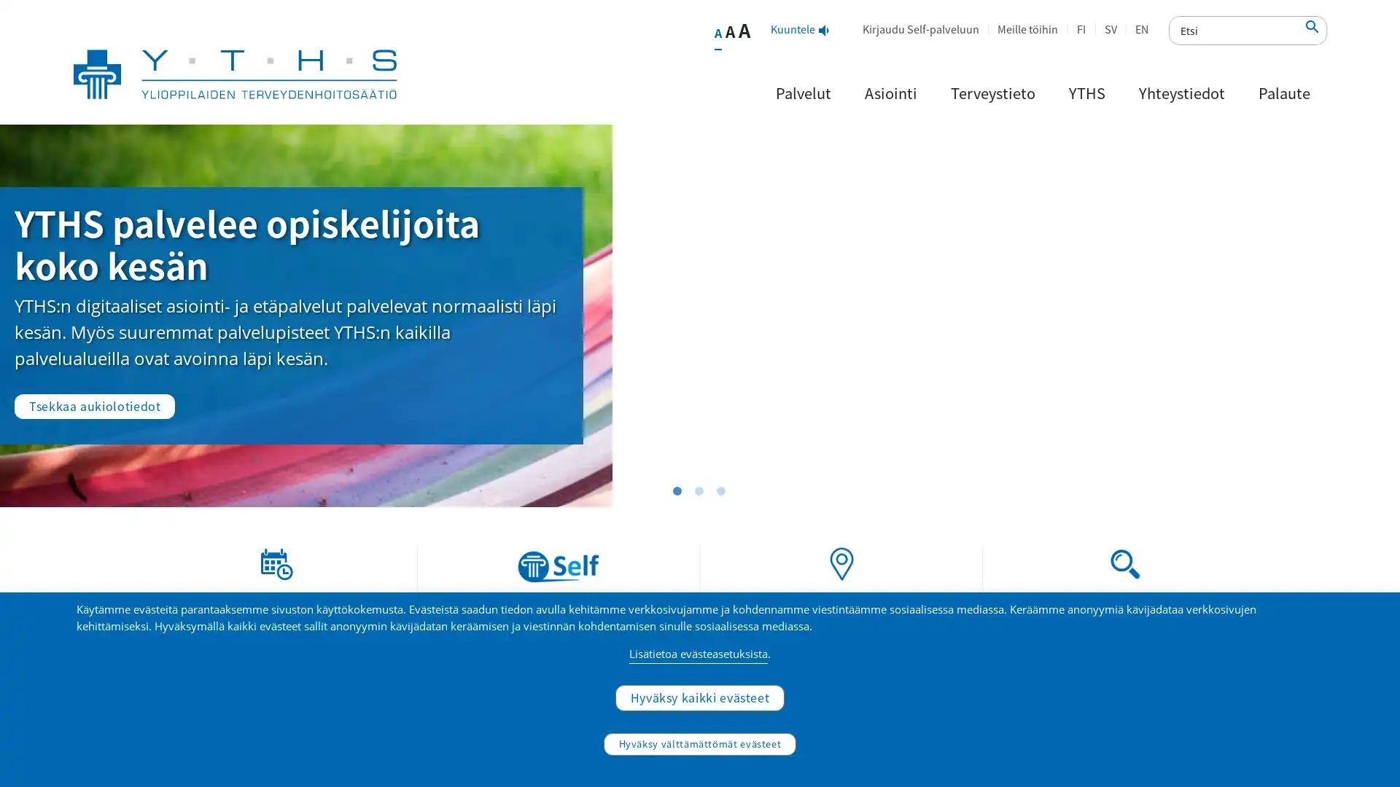 This screenshot has height=787, width=1400. What do you see at coordinates (699, 696) in the screenshot?
I see `Hyvaksy kaikki evasteet` at bounding box center [699, 696].